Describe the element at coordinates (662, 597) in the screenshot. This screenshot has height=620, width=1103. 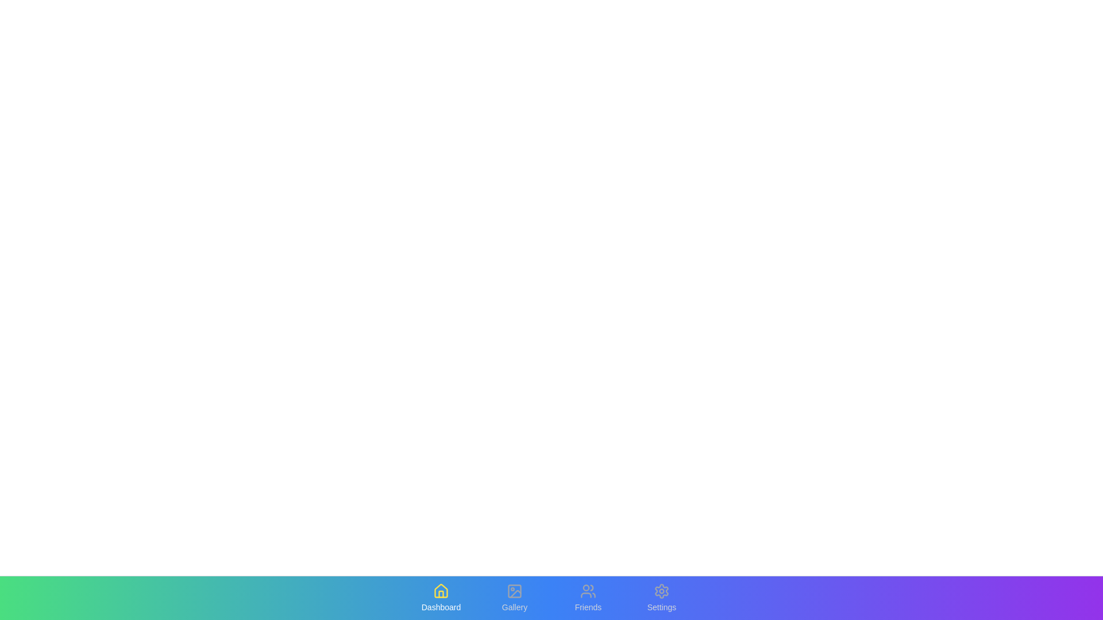
I see `the Settings tab to observe the hover effect` at that location.